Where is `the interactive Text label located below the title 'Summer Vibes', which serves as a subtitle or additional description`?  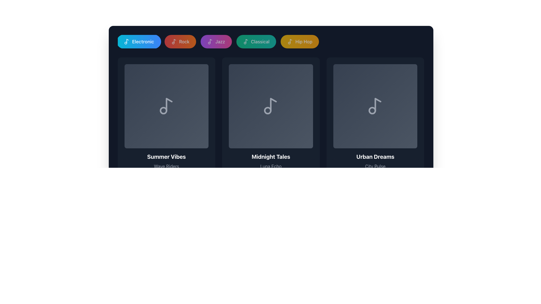
the interactive Text label located below the title 'Summer Vibes', which serves as a subtitle or additional description is located at coordinates (166, 166).